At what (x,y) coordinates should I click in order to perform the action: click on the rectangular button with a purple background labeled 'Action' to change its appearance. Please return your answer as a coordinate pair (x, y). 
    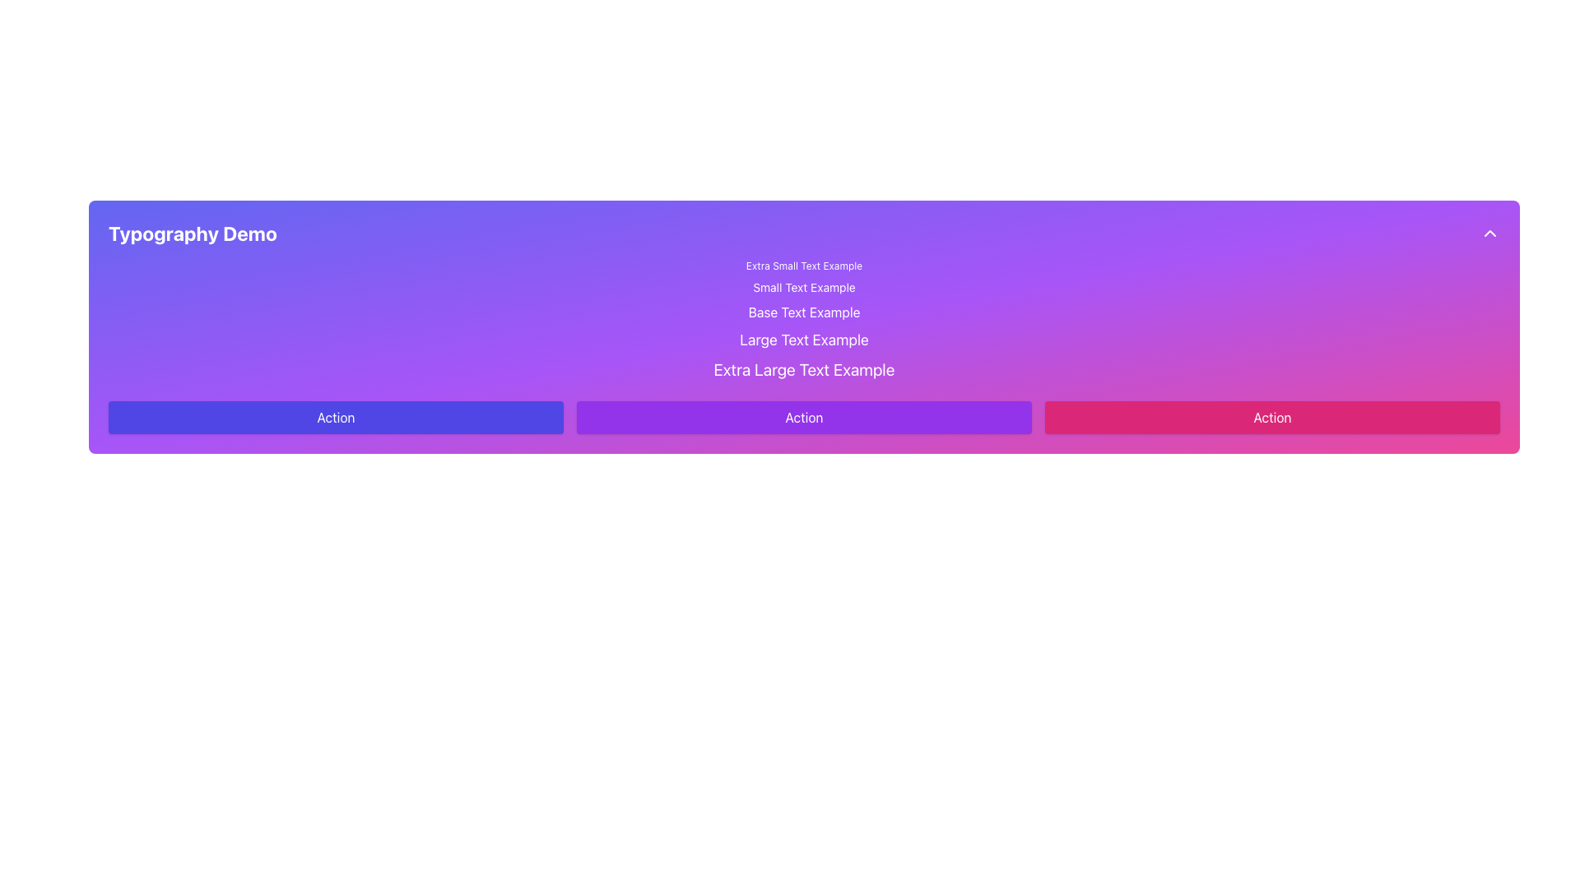
    Looking at the image, I should click on (804, 417).